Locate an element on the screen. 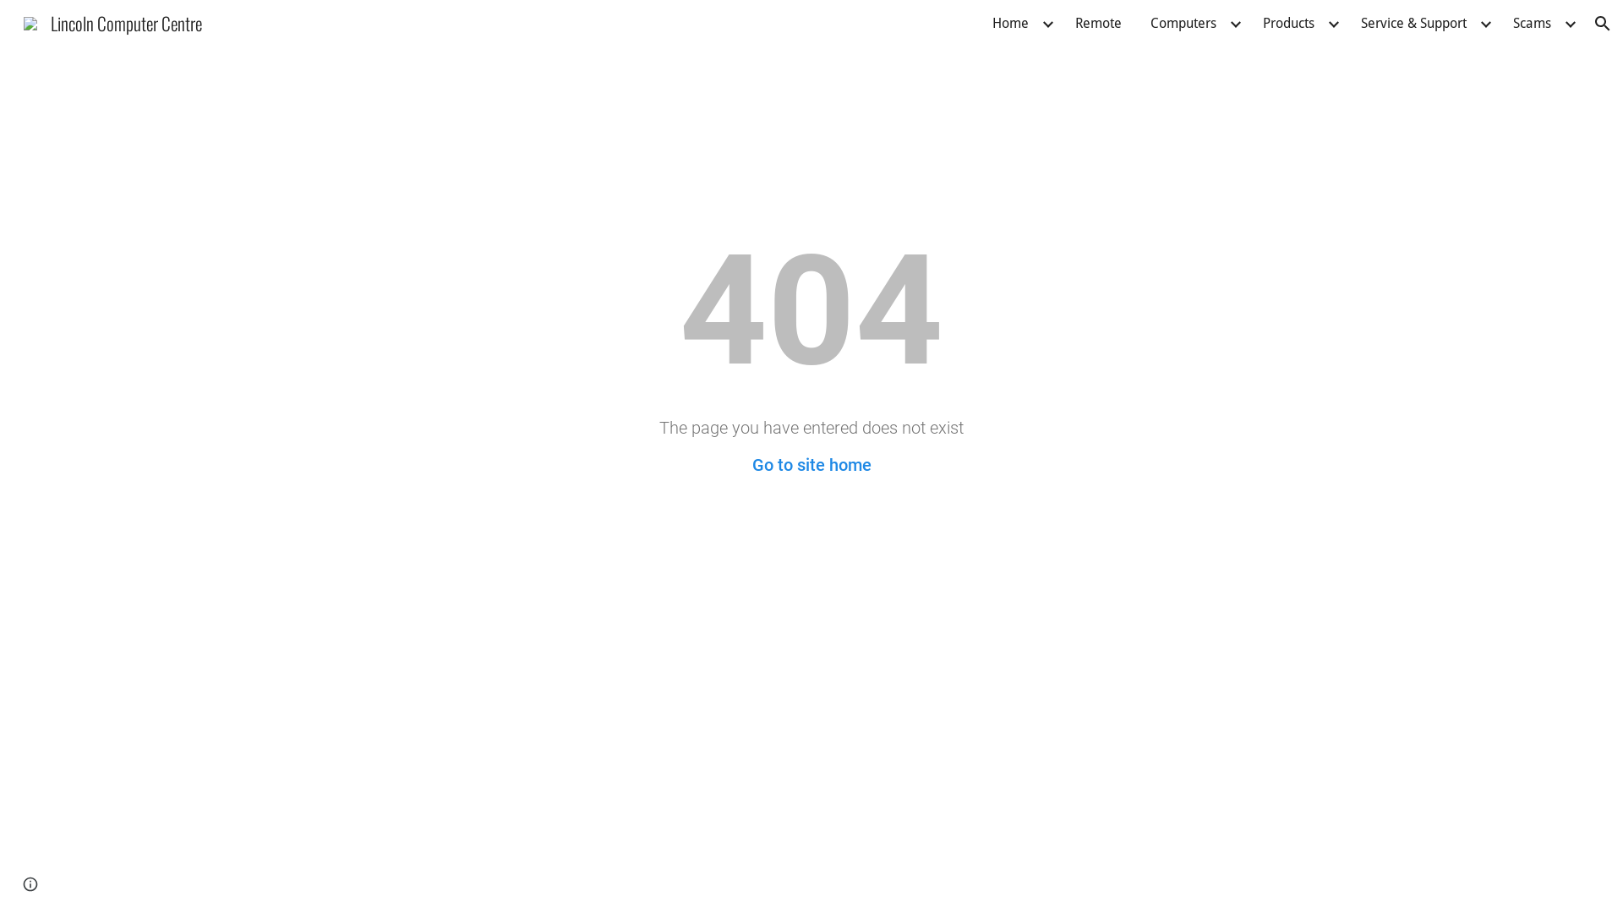  'Expand/Collapse' is located at coordinates (1569, 23).